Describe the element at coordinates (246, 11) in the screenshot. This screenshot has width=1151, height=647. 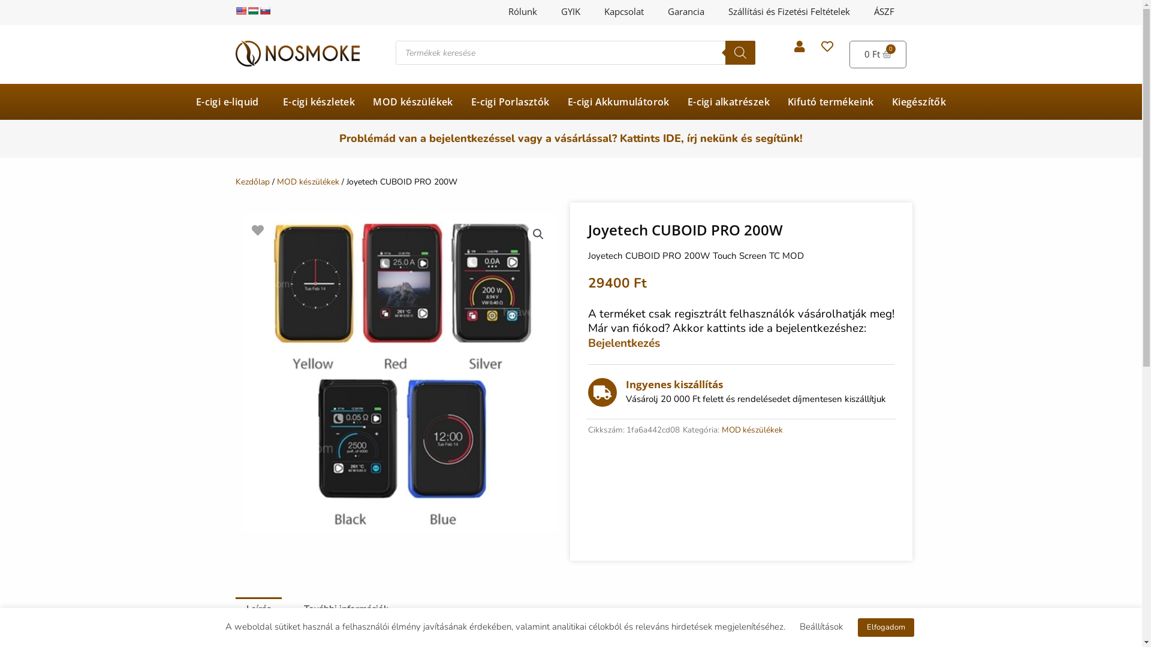
I see `'Hungarian'` at that location.